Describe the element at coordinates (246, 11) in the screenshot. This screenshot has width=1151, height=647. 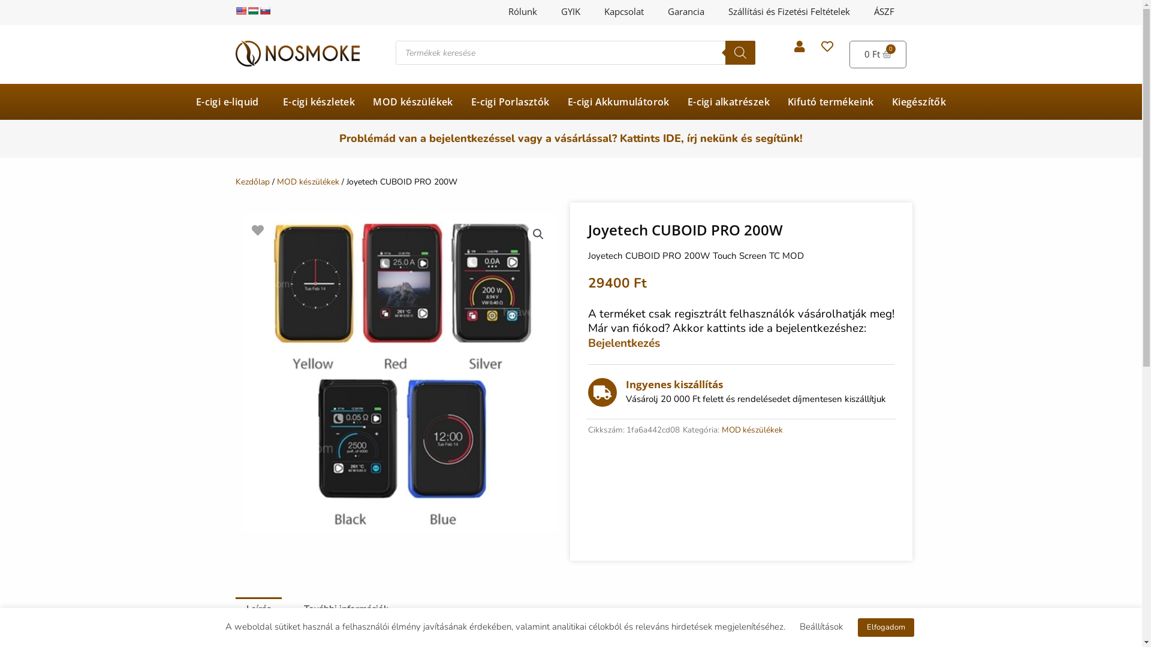
I see `'Hungarian'` at that location.